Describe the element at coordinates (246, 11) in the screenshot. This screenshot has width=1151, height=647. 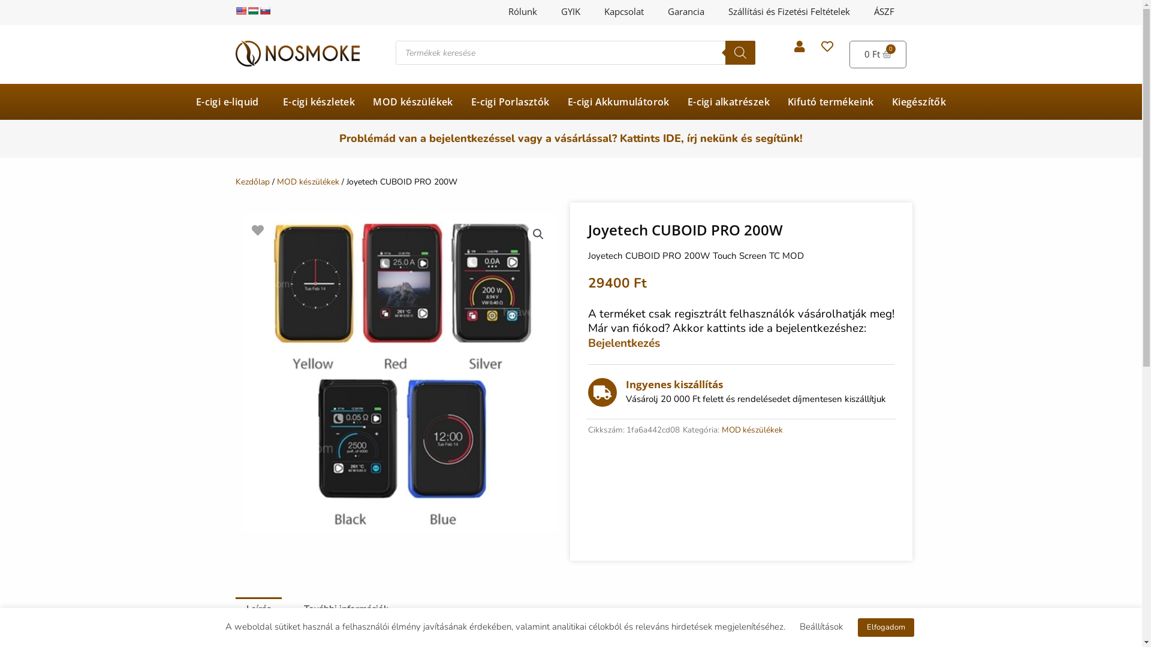
I see `'Hungarian'` at that location.